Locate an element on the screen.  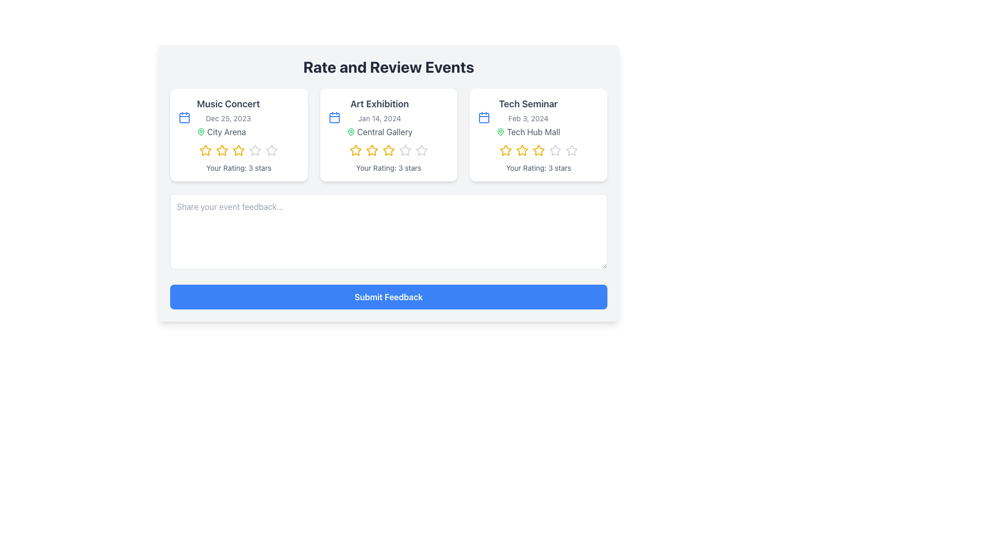
the rating component for the 'Tech Seminar' event, located at the bottom section of the right-most card in a three-card layout is located at coordinates (538, 151).